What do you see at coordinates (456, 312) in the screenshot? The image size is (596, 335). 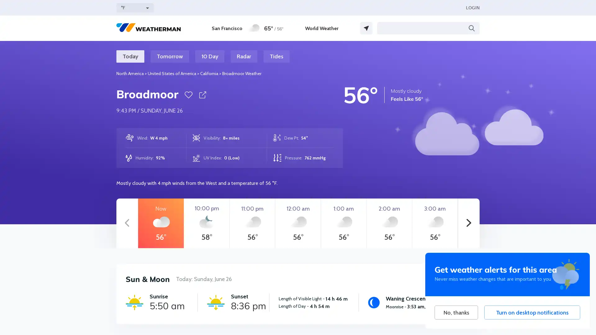 I see `No, thanks` at bounding box center [456, 312].